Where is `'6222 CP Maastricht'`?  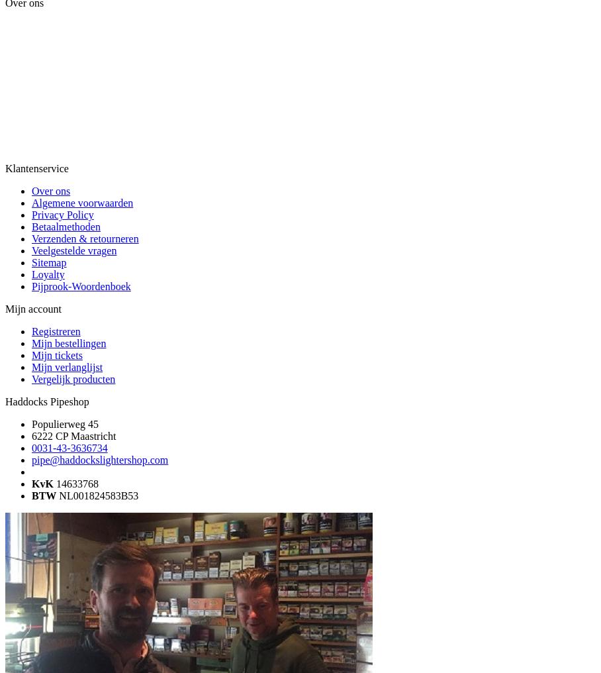
'6222 CP Maastricht' is located at coordinates (32, 435).